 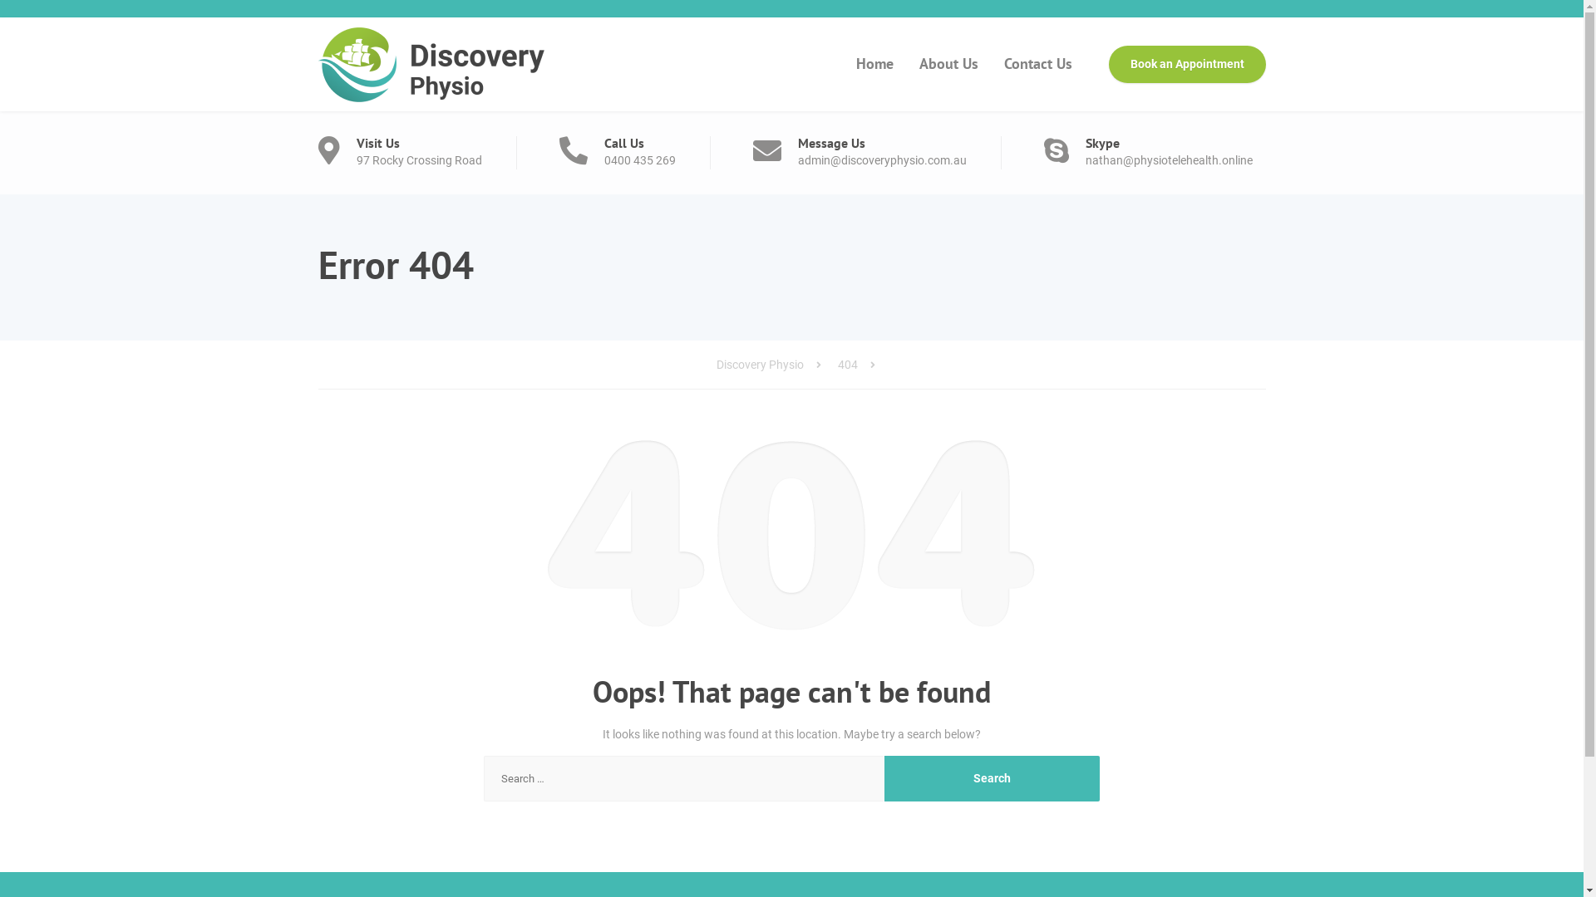 I want to click on 'Discovery Physio', so click(x=717, y=364).